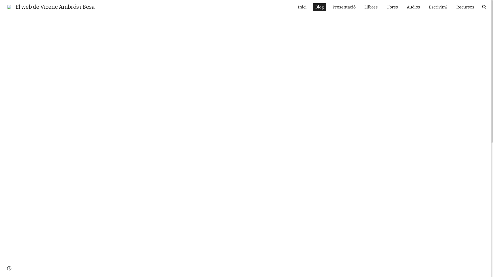  I want to click on 'Obres', so click(392, 7).